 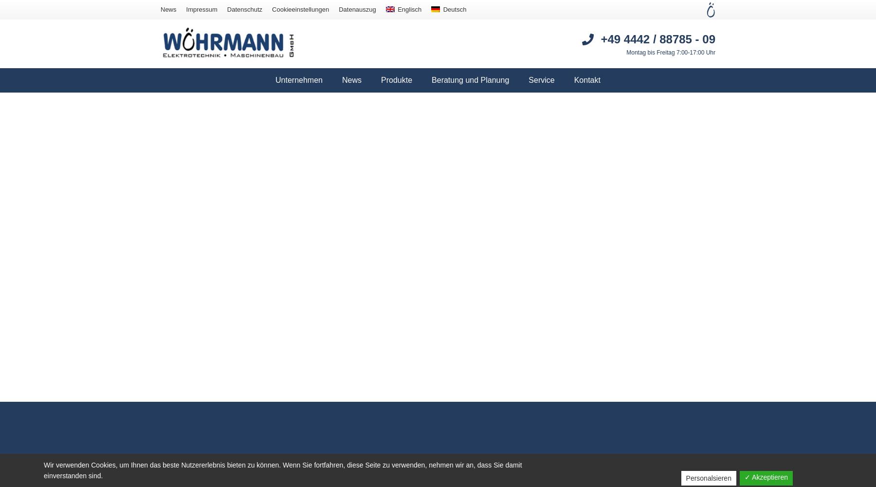 I want to click on 'Unternehmen', so click(x=299, y=80).